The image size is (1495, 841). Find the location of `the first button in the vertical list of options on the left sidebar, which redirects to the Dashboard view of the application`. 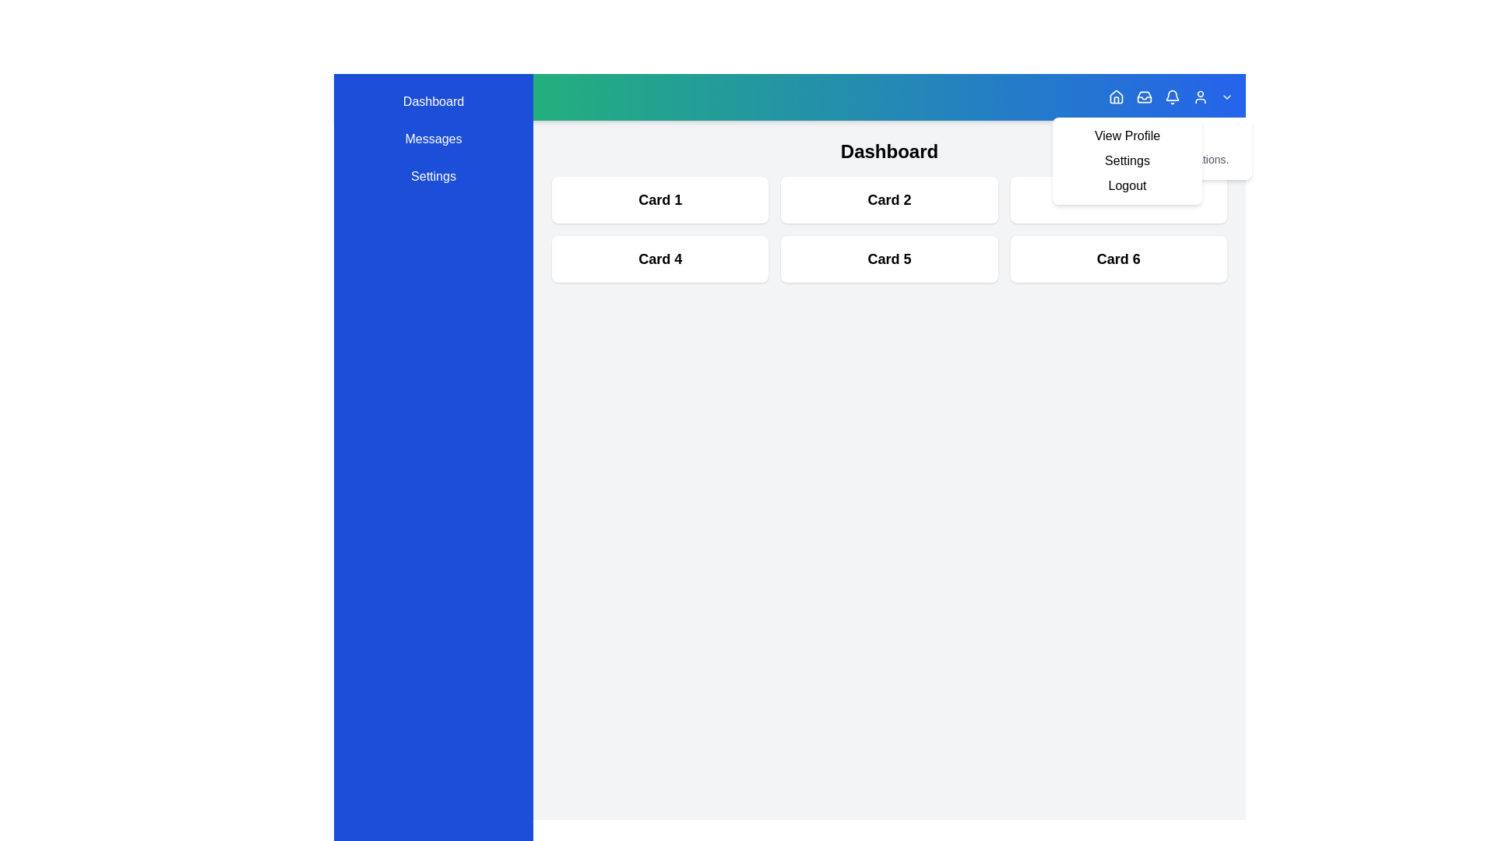

the first button in the vertical list of options on the left sidebar, which redirects to the Dashboard view of the application is located at coordinates (433, 102).